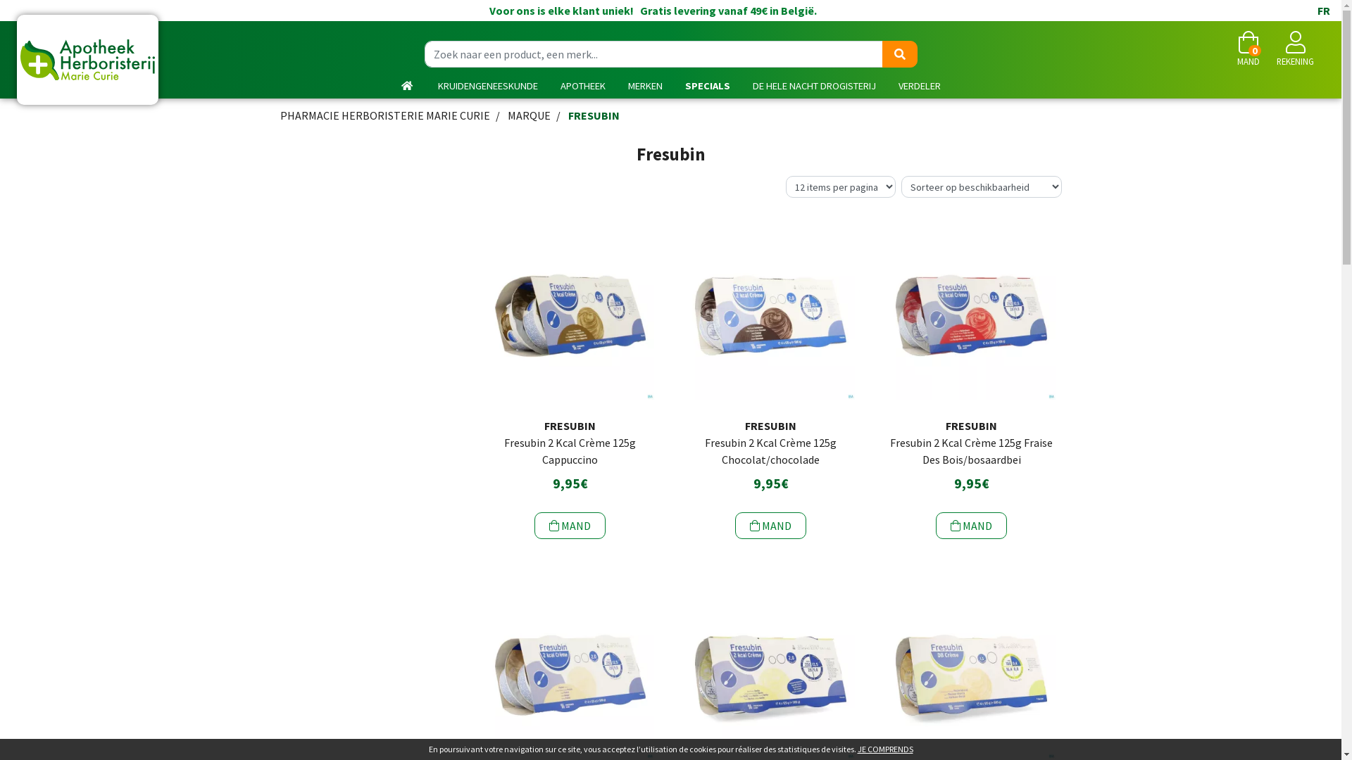 Image resolution: width=1352 pixels, height=760 pixels. What do you see at coordinates (1295, 49) in the screenshot?
I see `'REKENING'` at bounding box center [1295, 49].